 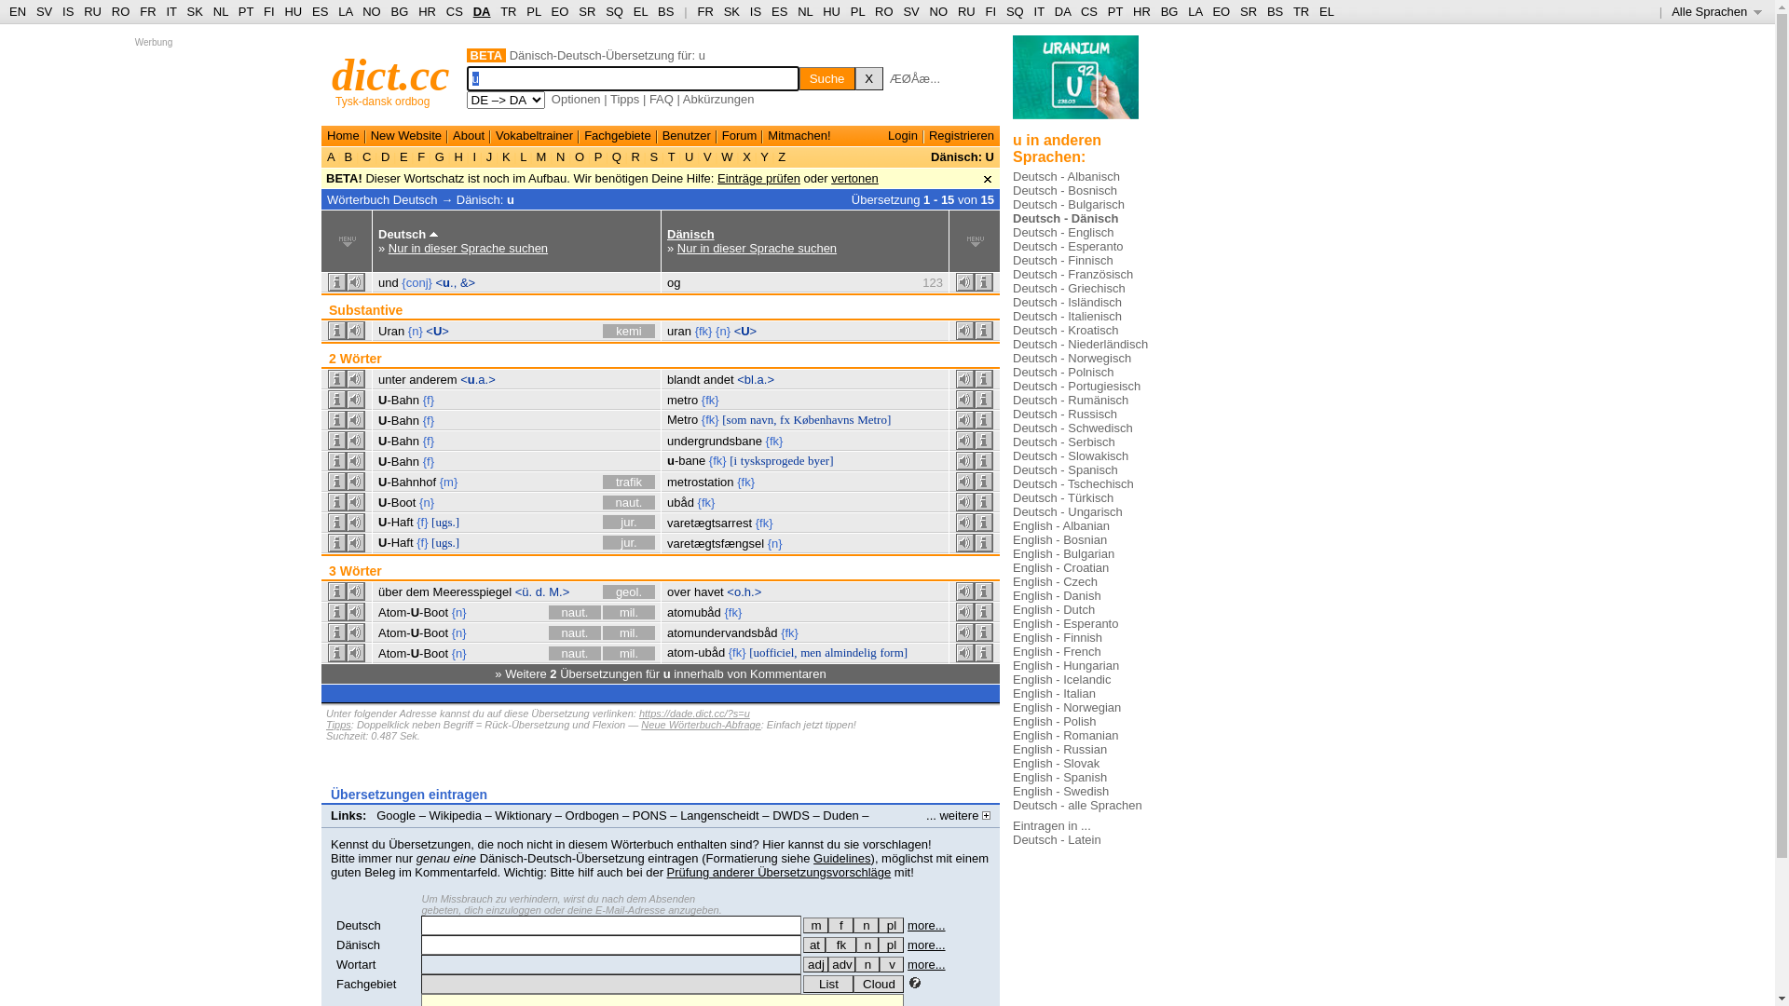 I want to click on 'List', so click(x=826, y=983).